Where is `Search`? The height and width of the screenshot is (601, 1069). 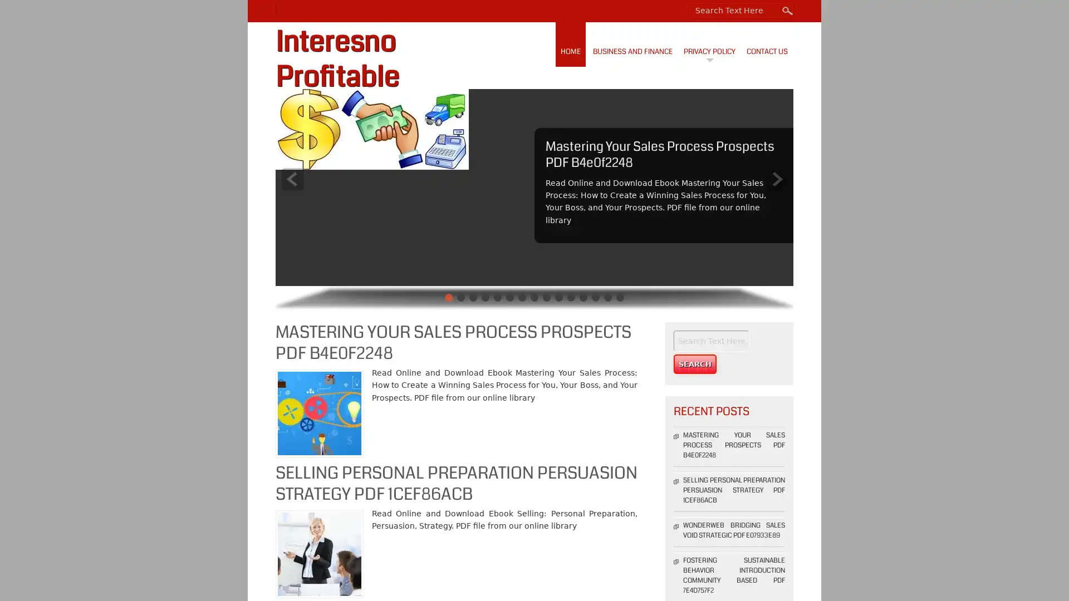 Search is located at coordinates (694, 364).